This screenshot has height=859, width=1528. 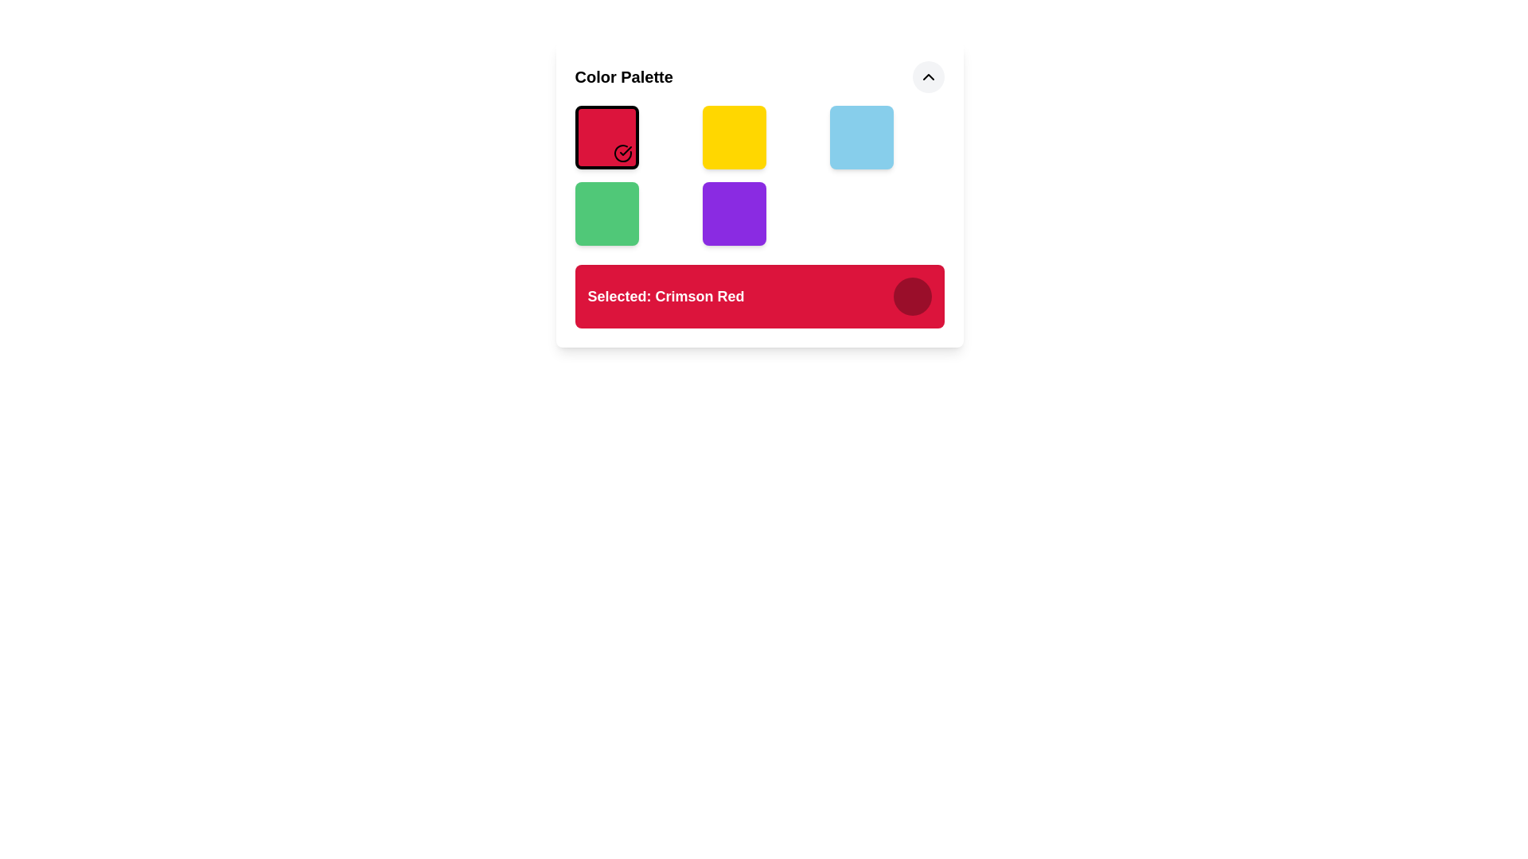 What do you see at coordinates (606, 137) in the screenshot?
I see `the top-left selectable color tile in the color palette, which has a crimson red background and a black border with a checkmark icon` at bounding box center [606, 137].